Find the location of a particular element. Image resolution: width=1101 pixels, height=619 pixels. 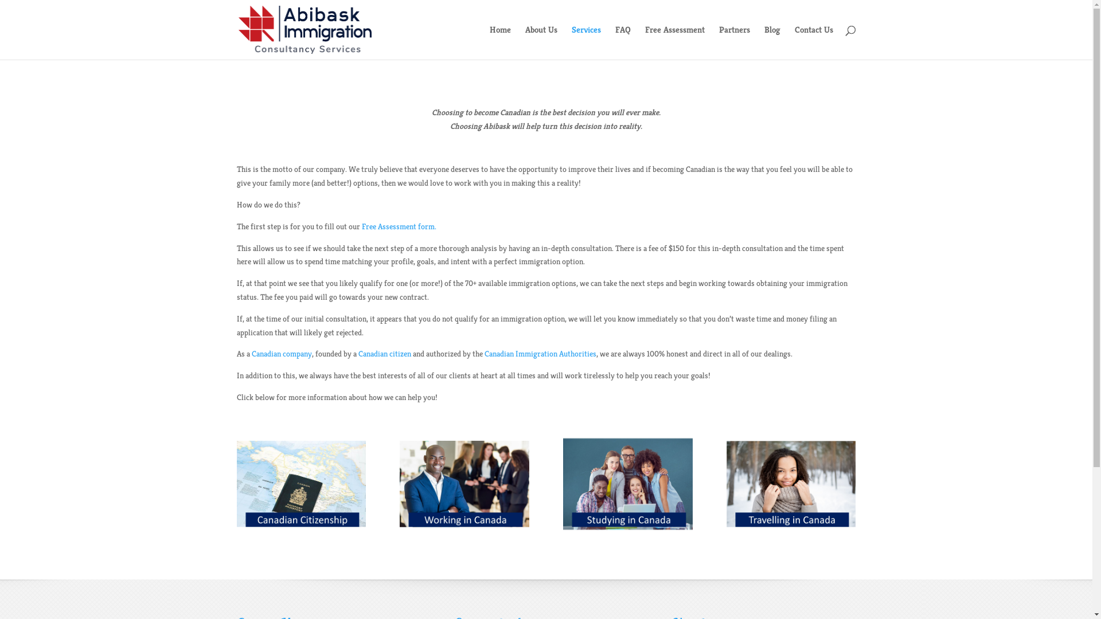

'Canadian Immigration Authorities' is located at coordinates (484, 353).